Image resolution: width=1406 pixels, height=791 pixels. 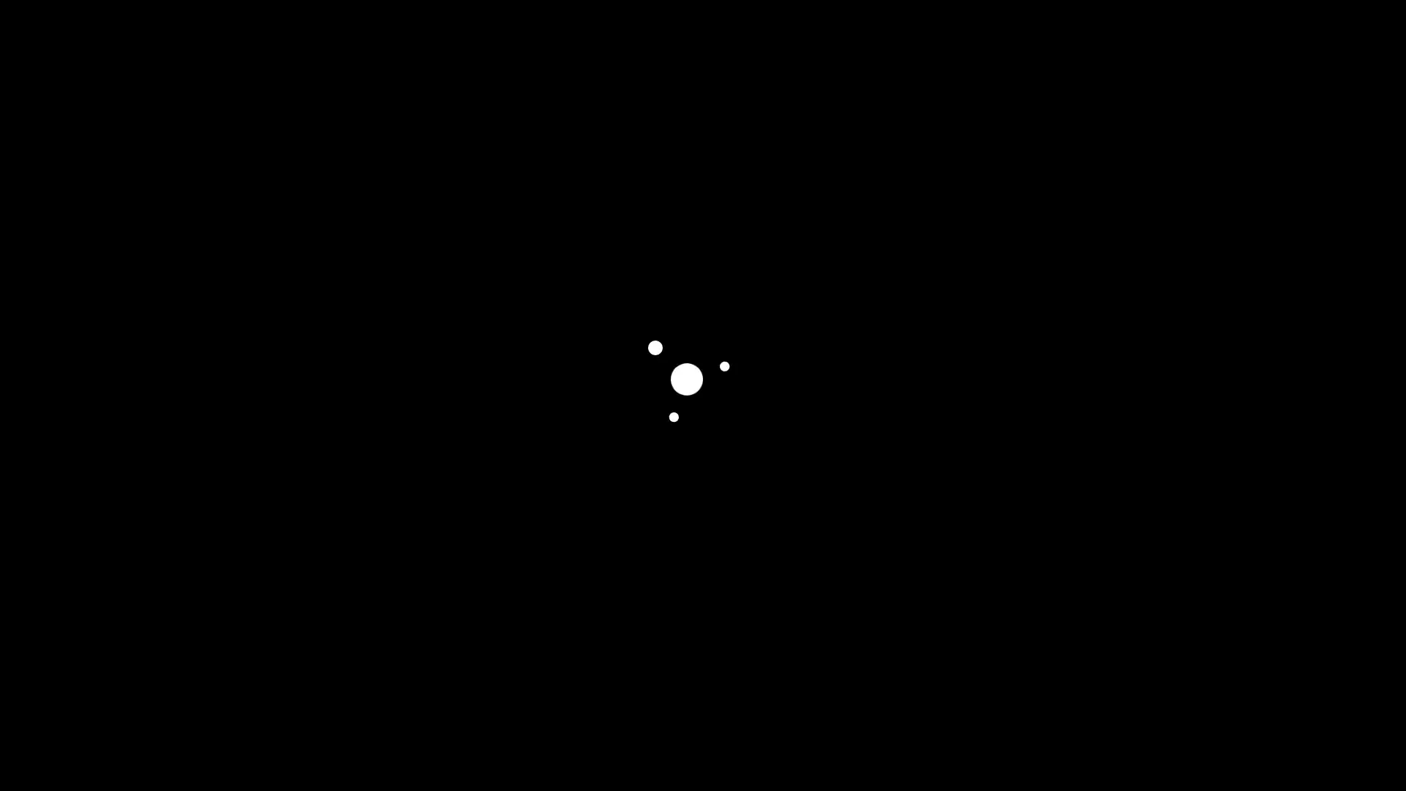 What do you see at coordinates (1192, 658) in the screenshot?
I see `SIGN UP` at bounding box center [1192, 658].